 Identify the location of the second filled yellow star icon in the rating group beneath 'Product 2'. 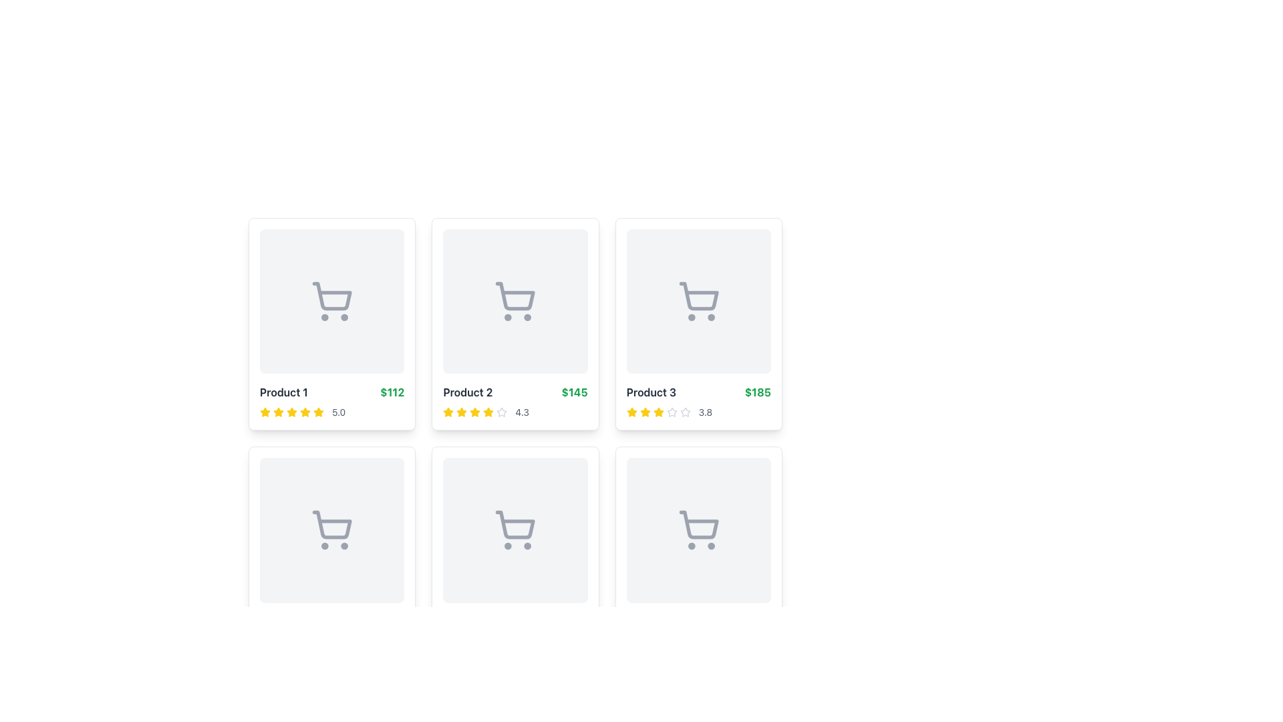
(462, 412).